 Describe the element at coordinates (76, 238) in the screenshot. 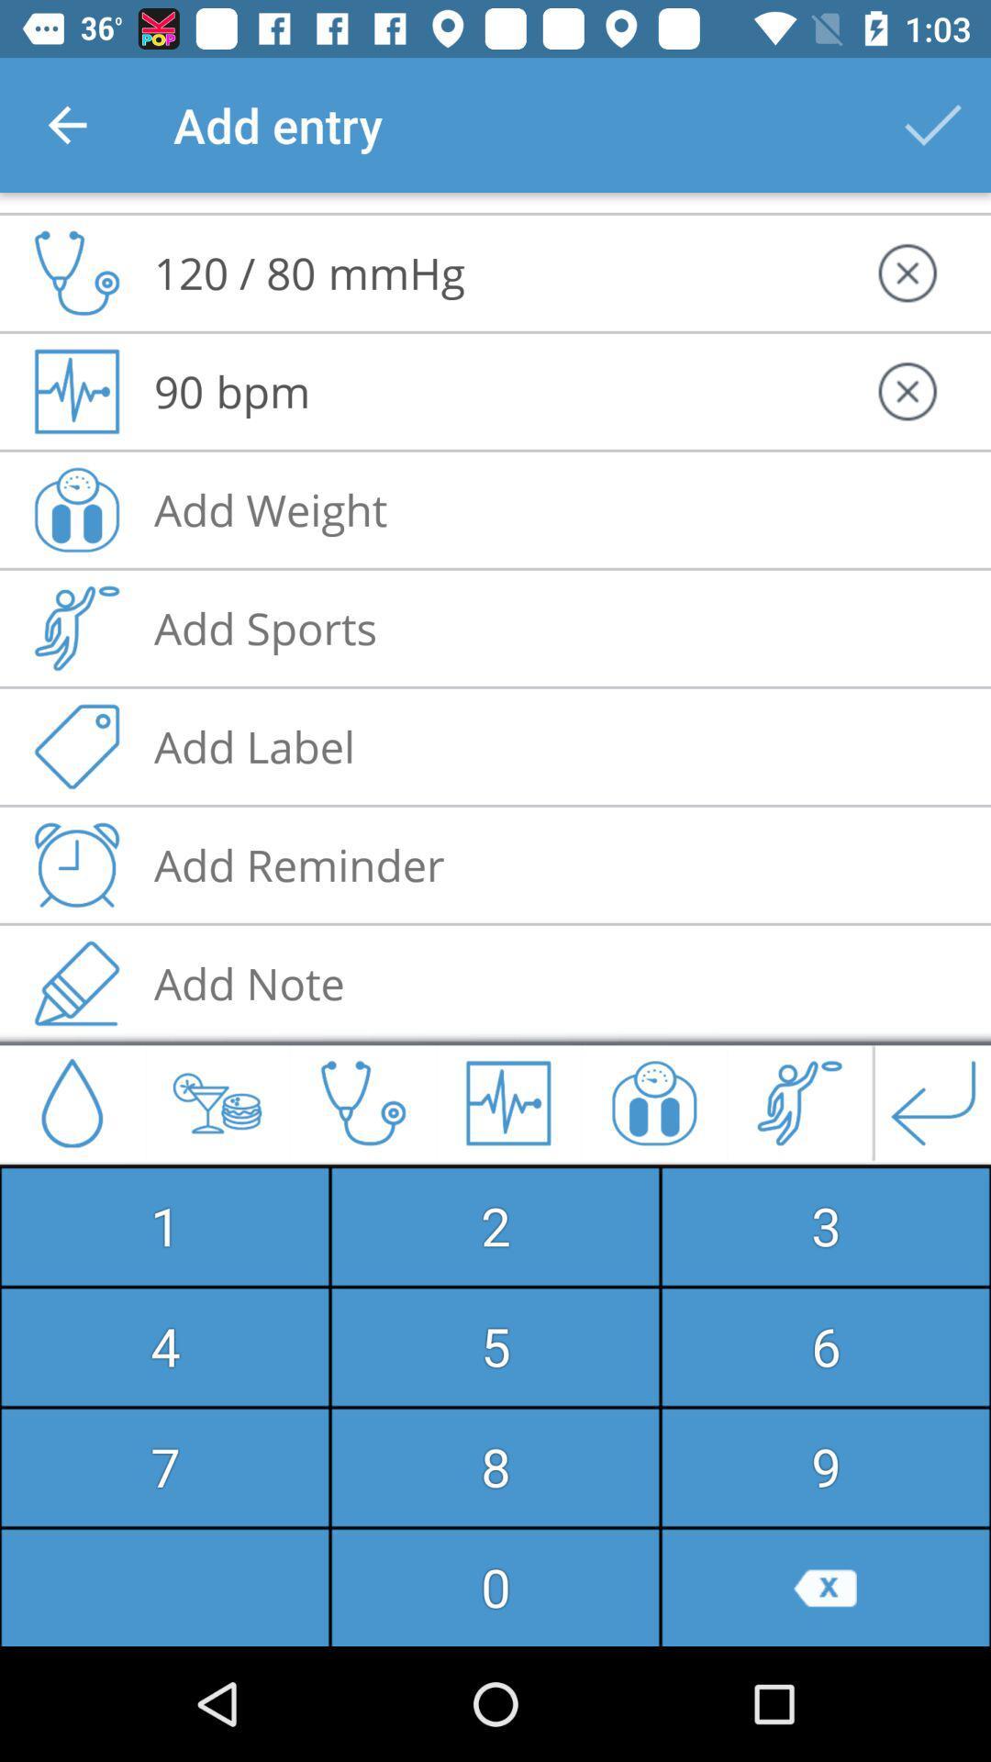

I see `the stethoscope icon` at that location.